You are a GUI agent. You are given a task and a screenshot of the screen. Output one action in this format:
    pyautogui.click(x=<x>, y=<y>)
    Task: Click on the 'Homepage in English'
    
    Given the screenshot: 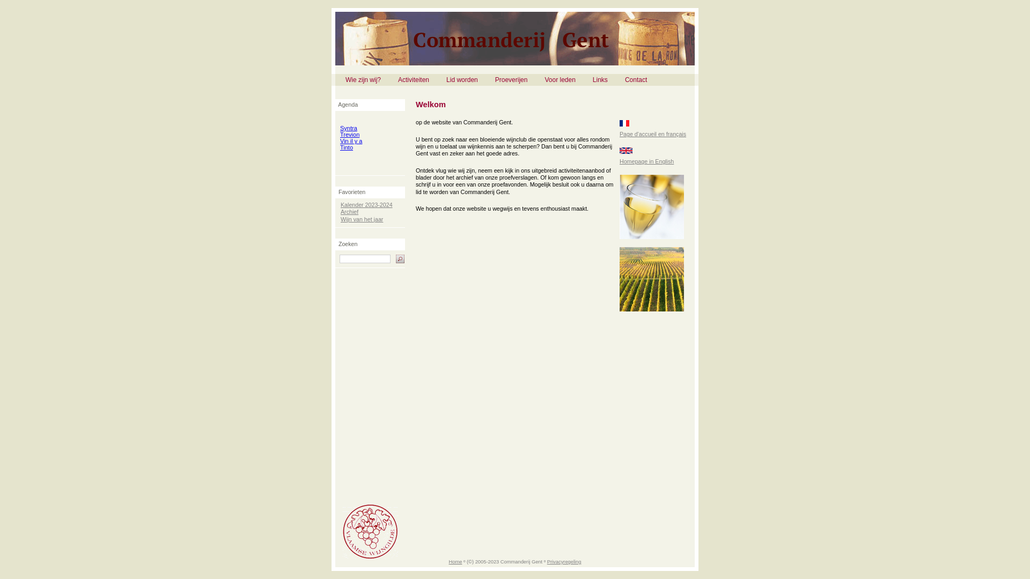 What is the action you would take?
    pyautogui.click(x=646, y=161)
    